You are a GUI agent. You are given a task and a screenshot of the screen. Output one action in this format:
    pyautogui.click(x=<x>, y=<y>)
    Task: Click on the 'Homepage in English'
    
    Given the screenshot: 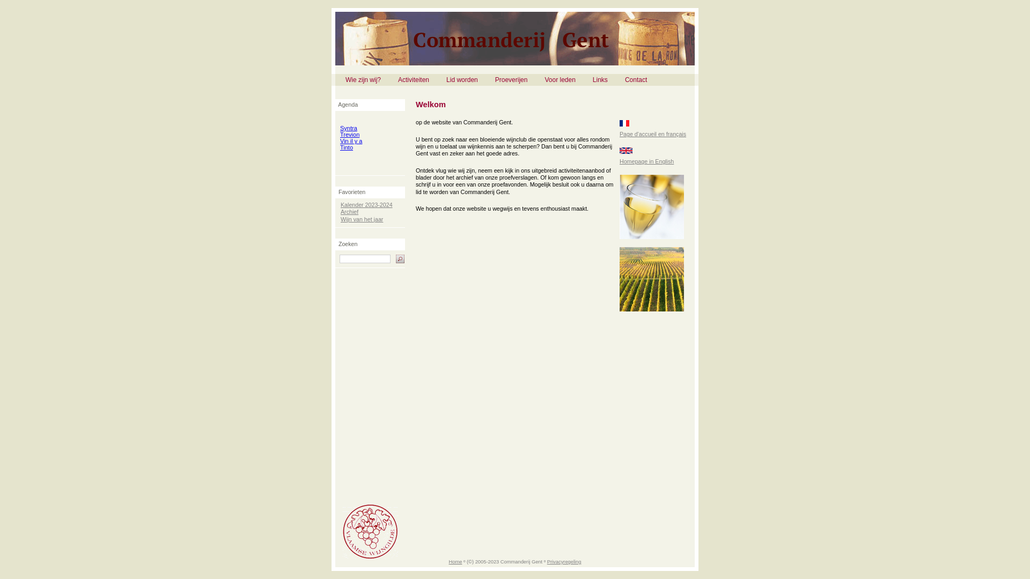 What is the action you would take?
    pyautogui.click(x=646, y=161)
    